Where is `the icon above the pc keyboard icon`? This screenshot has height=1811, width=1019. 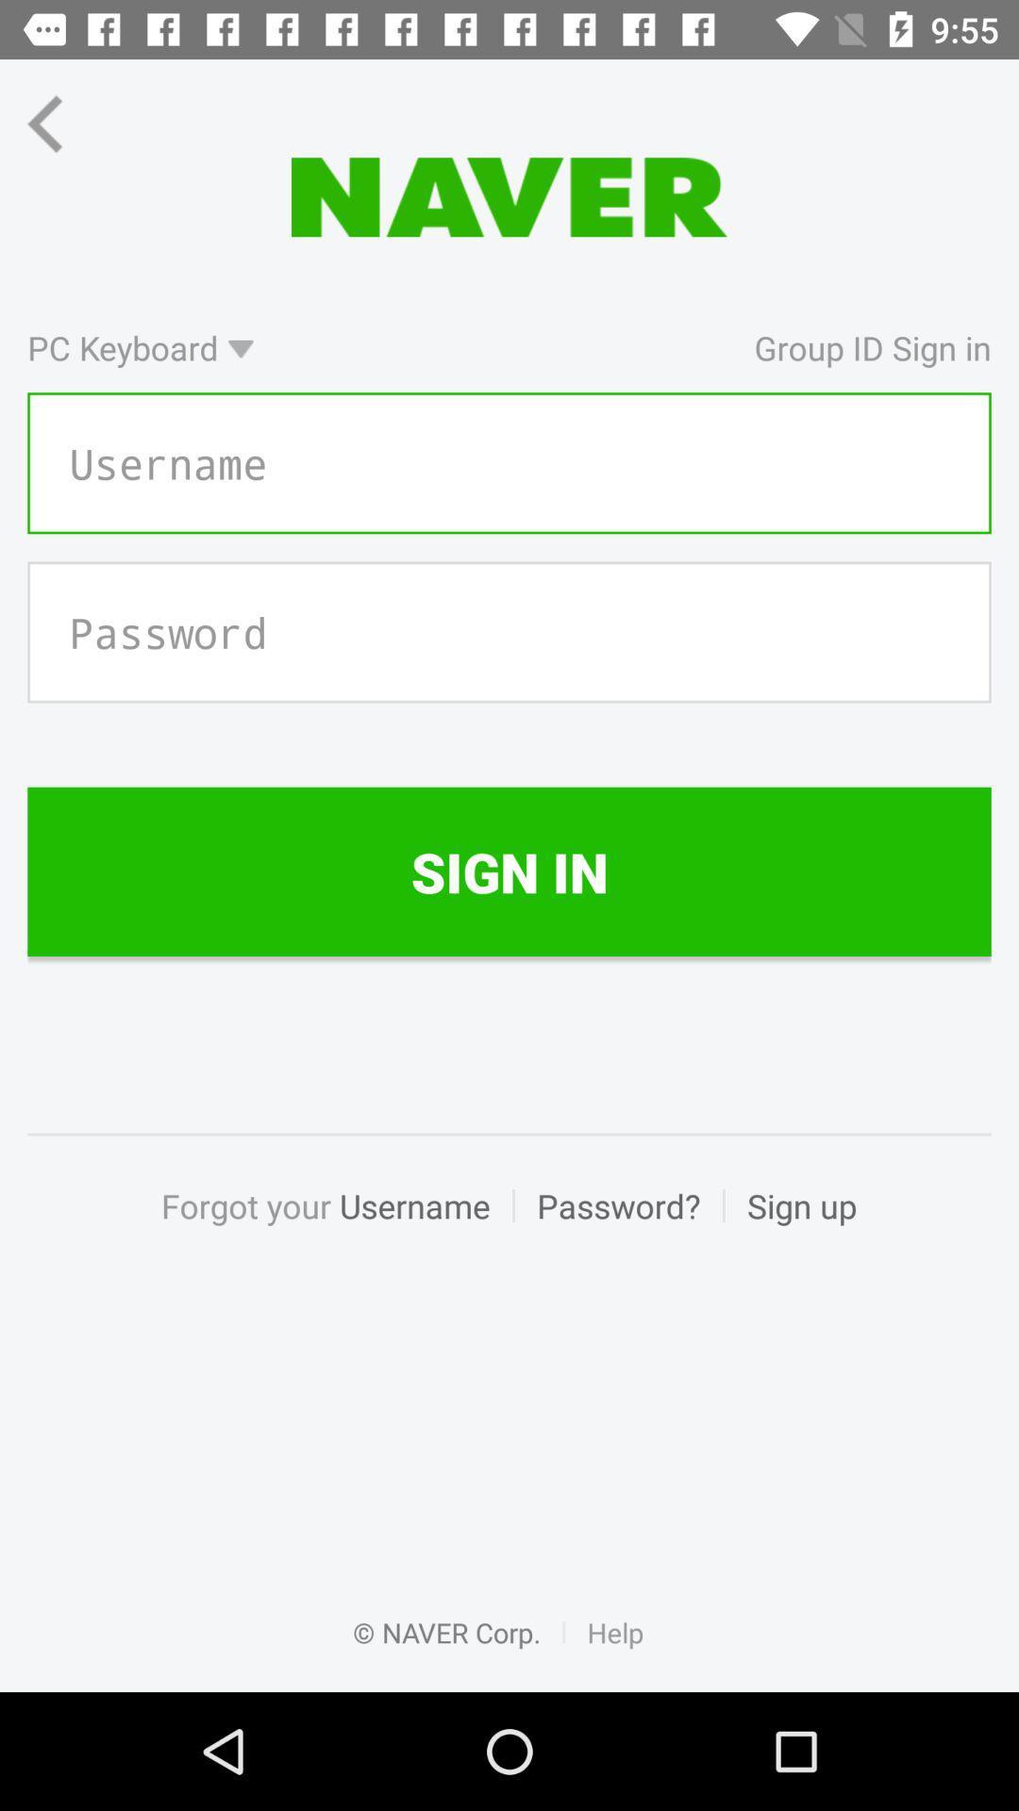 the icon above the pc keyboard icon is located at coordinates (61, 123).